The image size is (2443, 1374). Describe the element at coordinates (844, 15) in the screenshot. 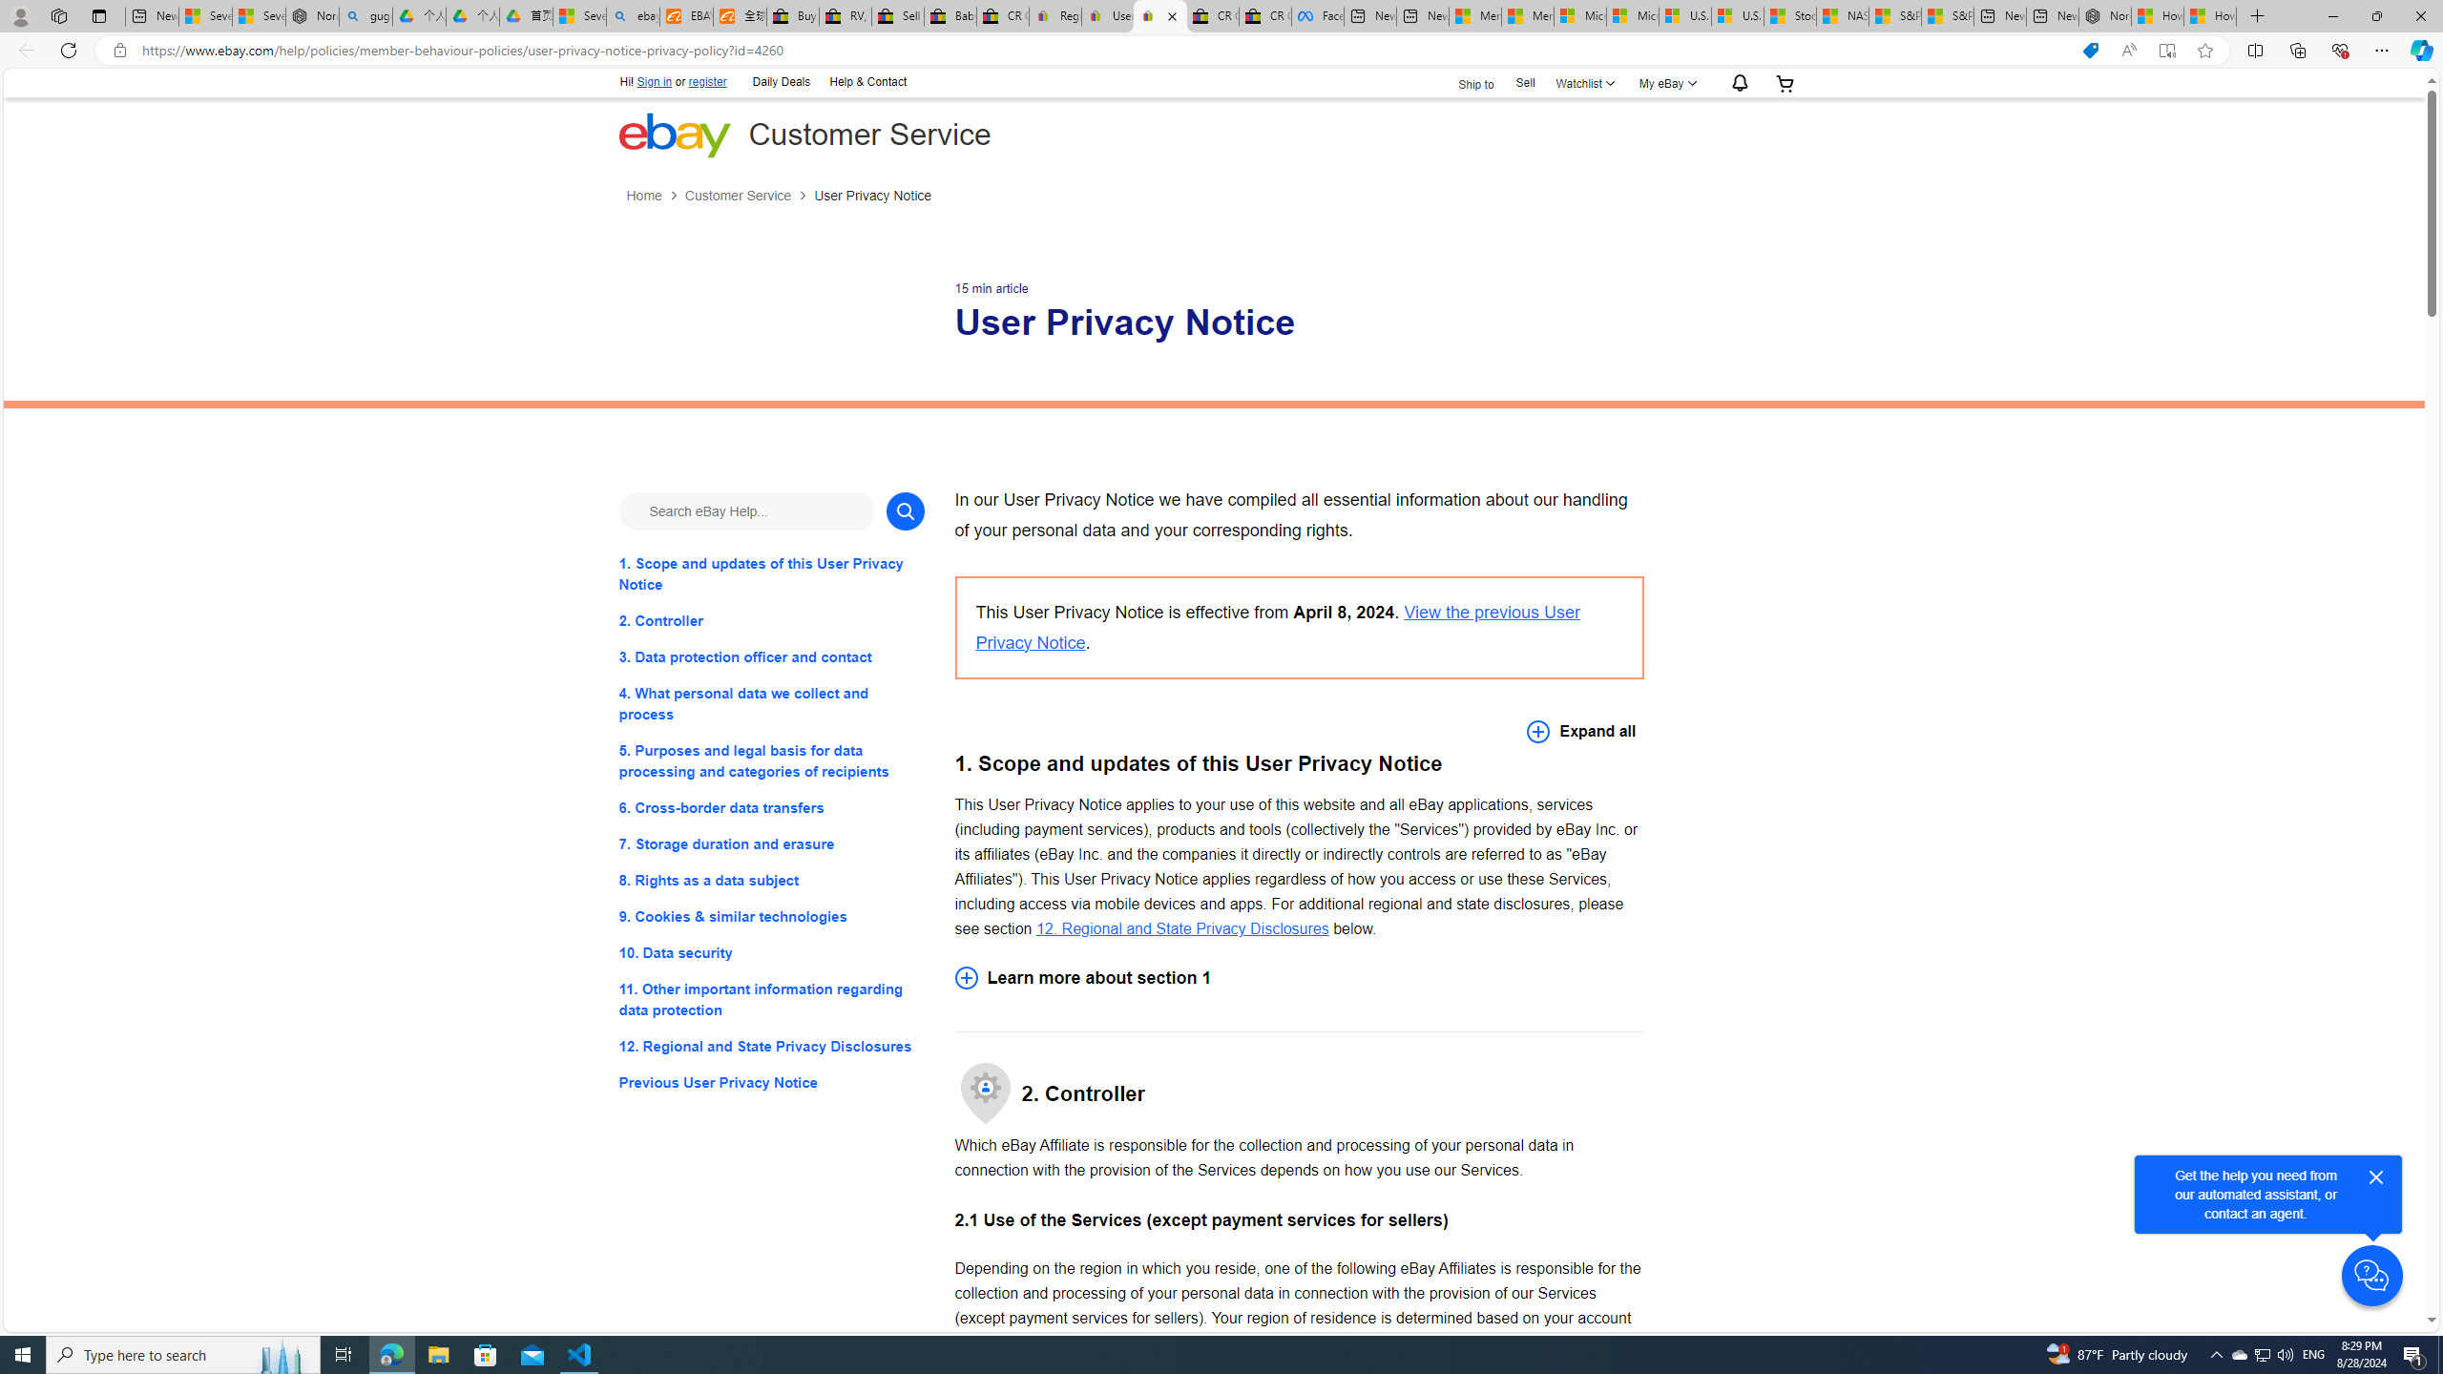

I see `'RV, Trailer & Camper Steps & Ladders for sale | eBay'` at that location.